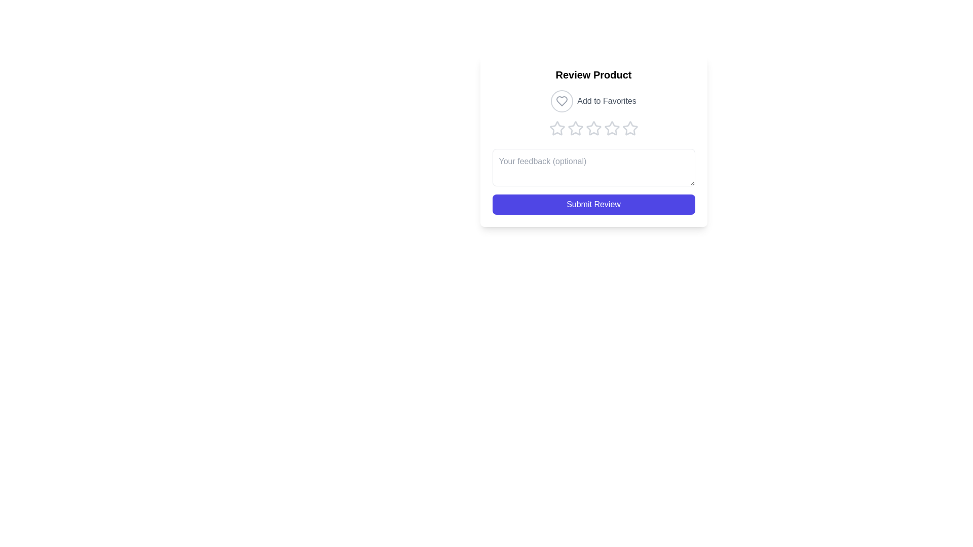 The height and width of the screenshot is (547, 973). What do you see at coordinates (556, 128) in the screenshot?
I see `the first clickable star icon in the five-star rating group, located below the 'Add to Favorites' section in the 'Review Product' card` at bounding box center [556, 128].